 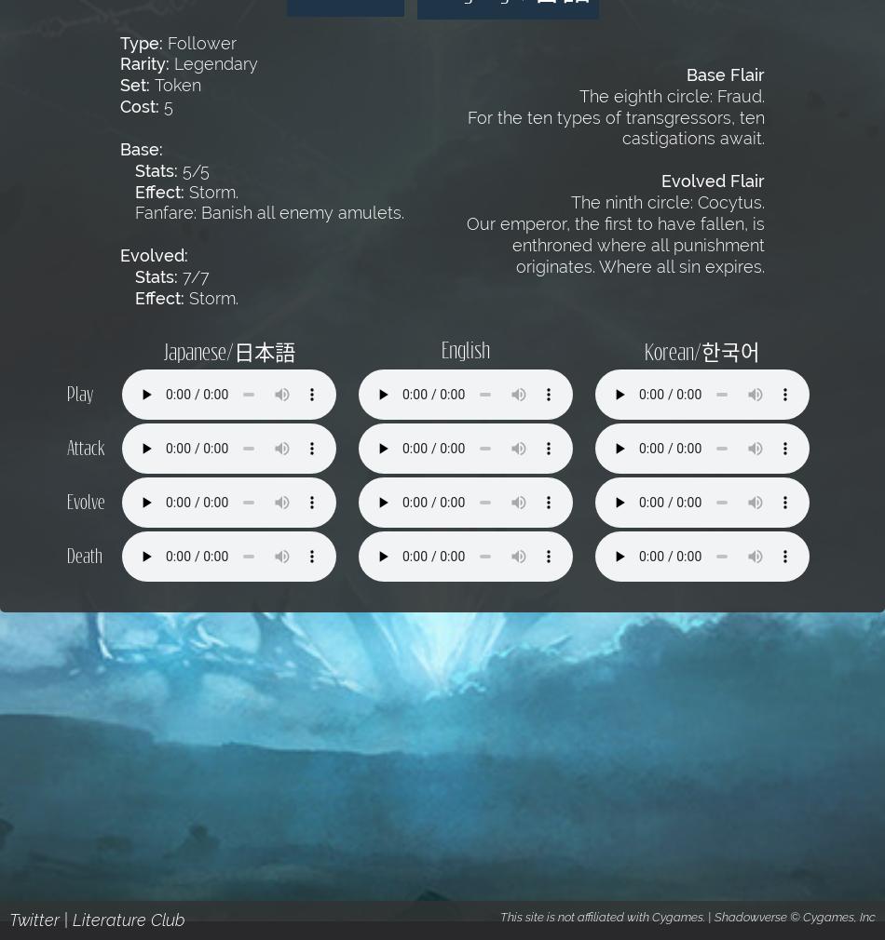 I want to click on 'The ninth circle: Cocytus.', so click(x=666, y=200).